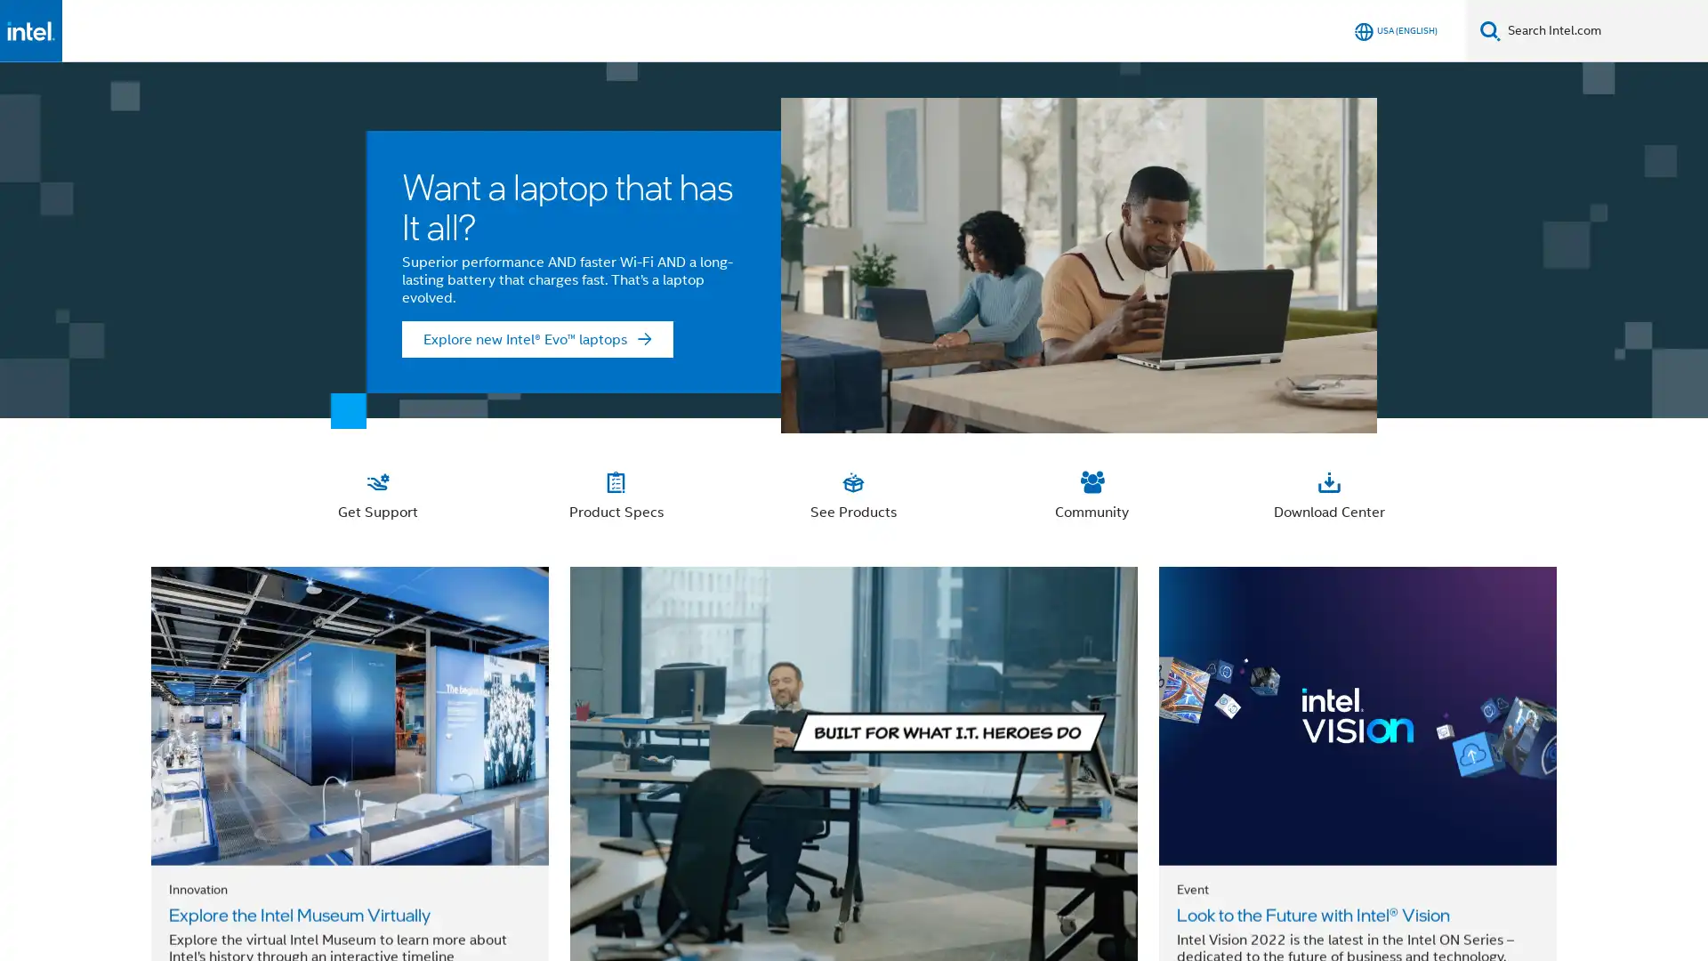 The width and height of the screenshot is (1708, 961). I want to click on Search, so click(1490, 30).